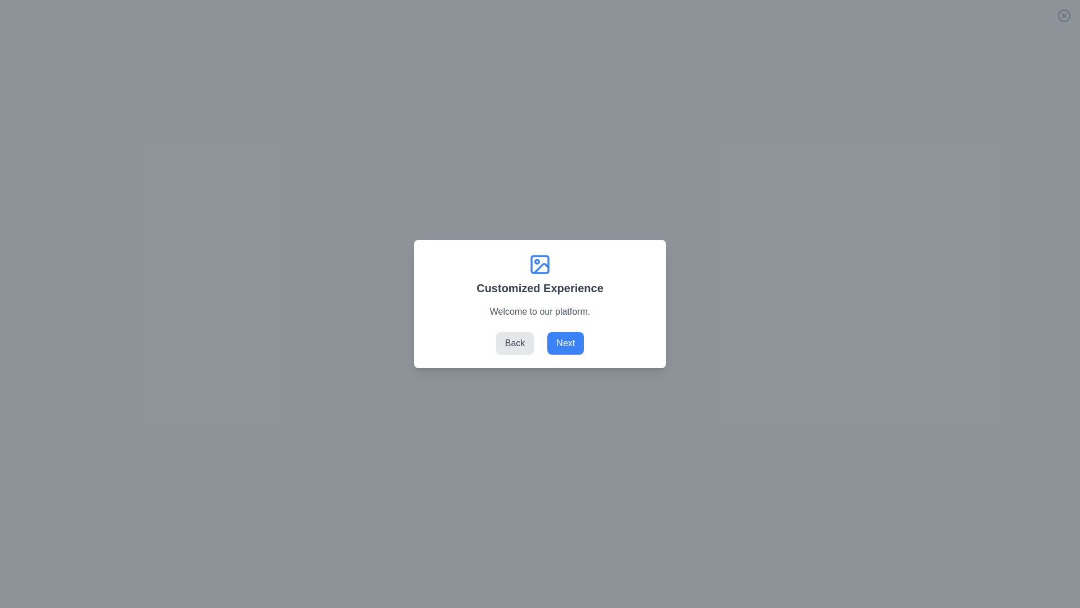 This screenshot has width=1080, height=608. Describe the element at coordinates (565, 342) in the screenshot. I see `the 'Next' button to navigate to the next informational message` at that location.